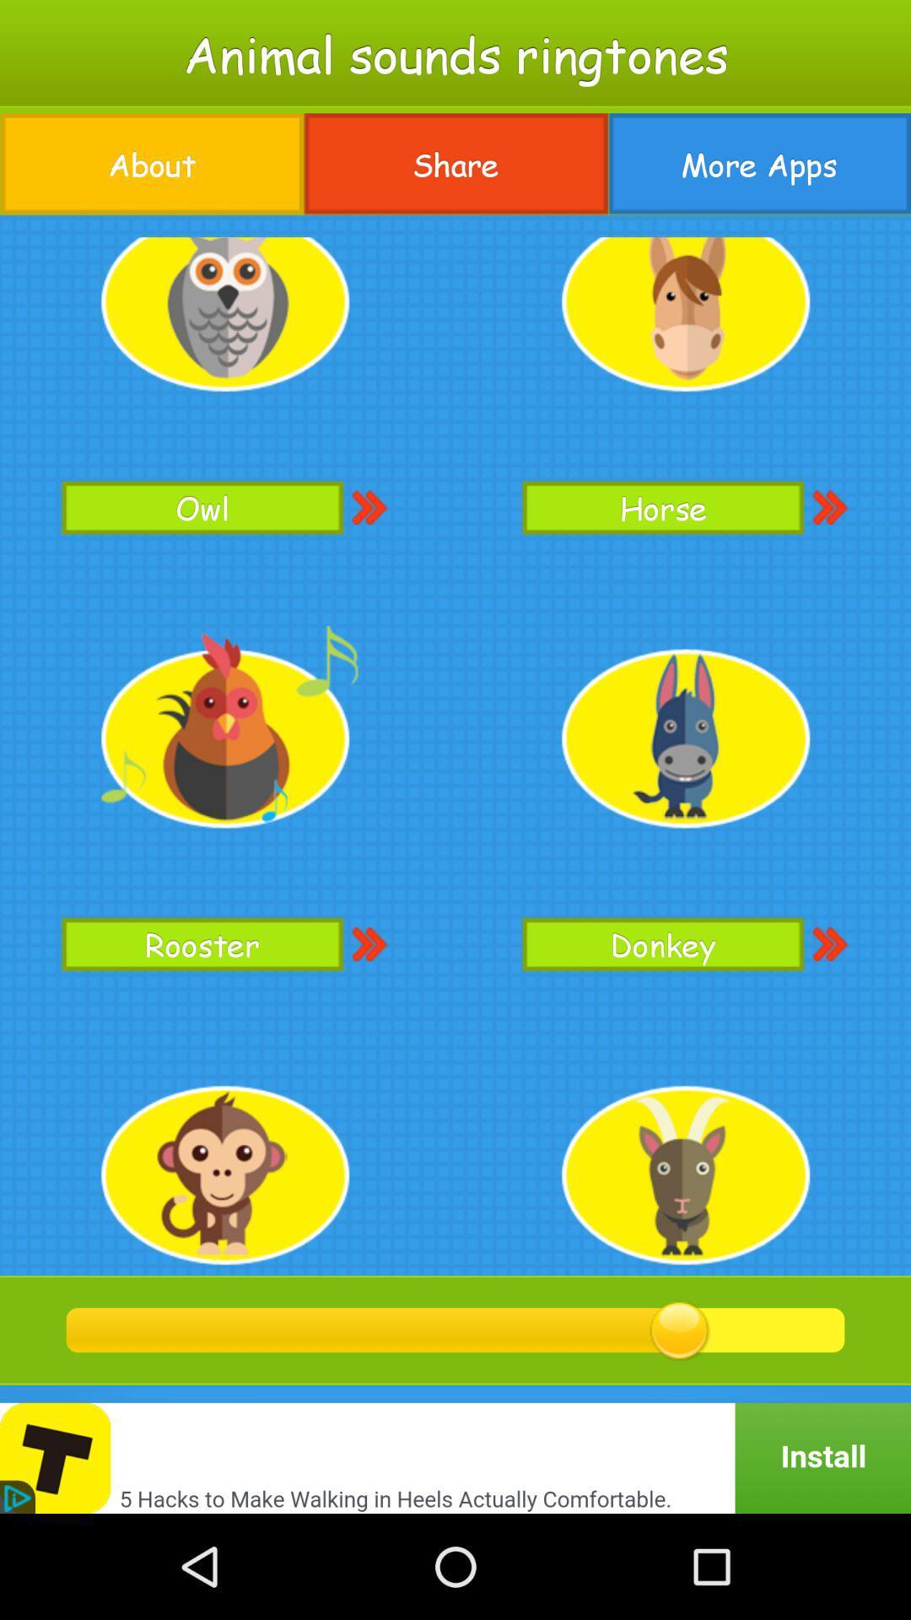  I want to click on more apps item, so click(759, 164).